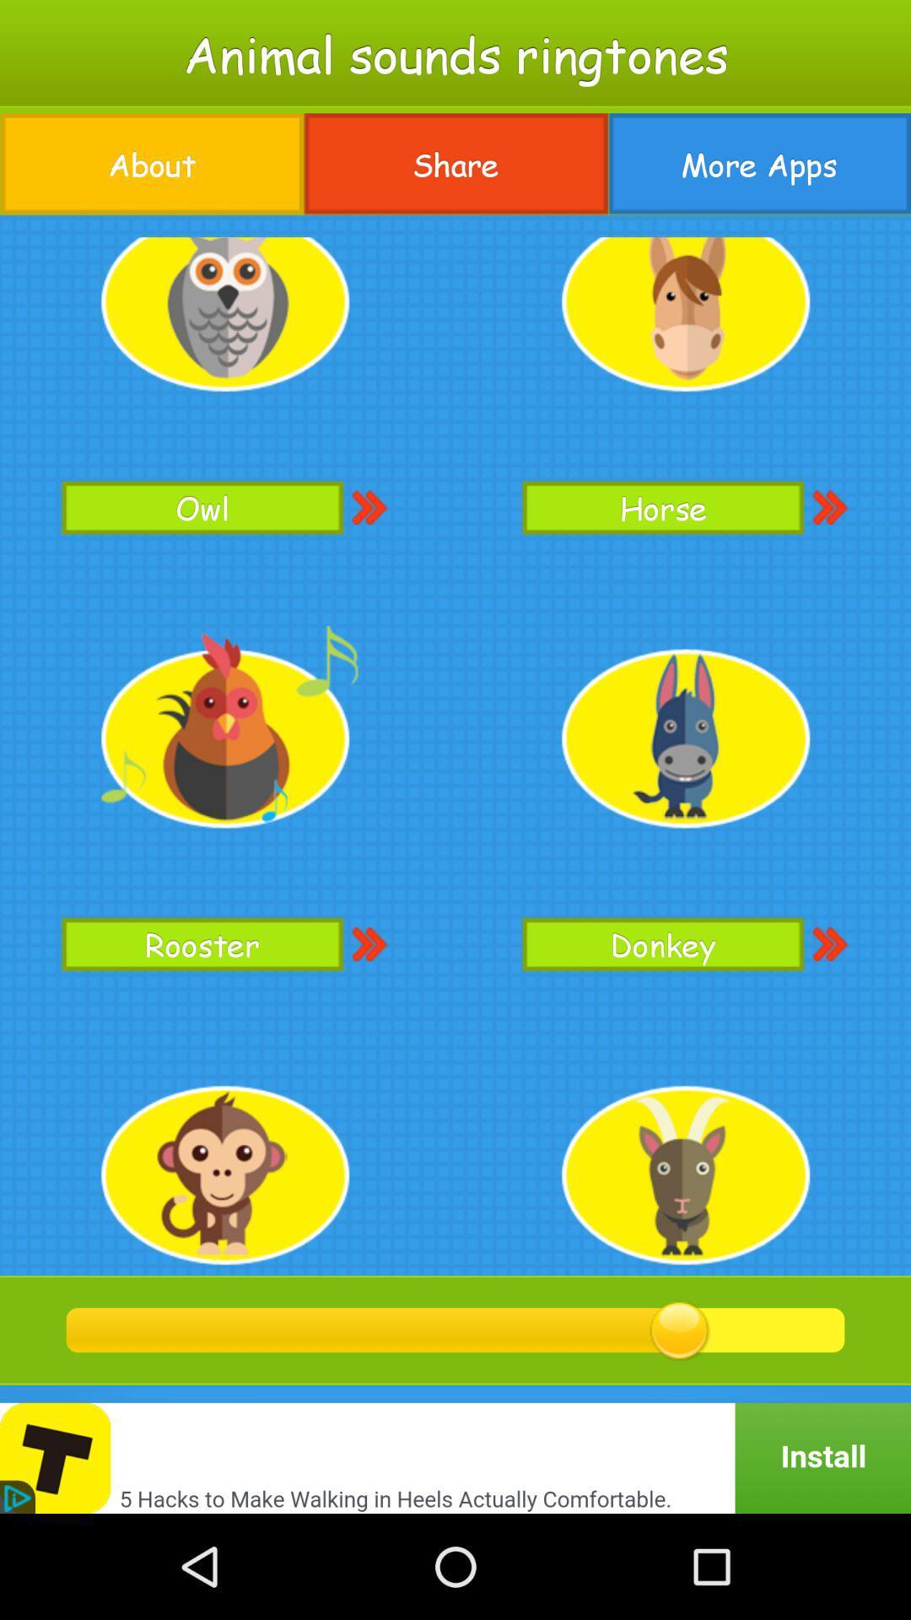  I want to click on more apps item, so click(759, 164).